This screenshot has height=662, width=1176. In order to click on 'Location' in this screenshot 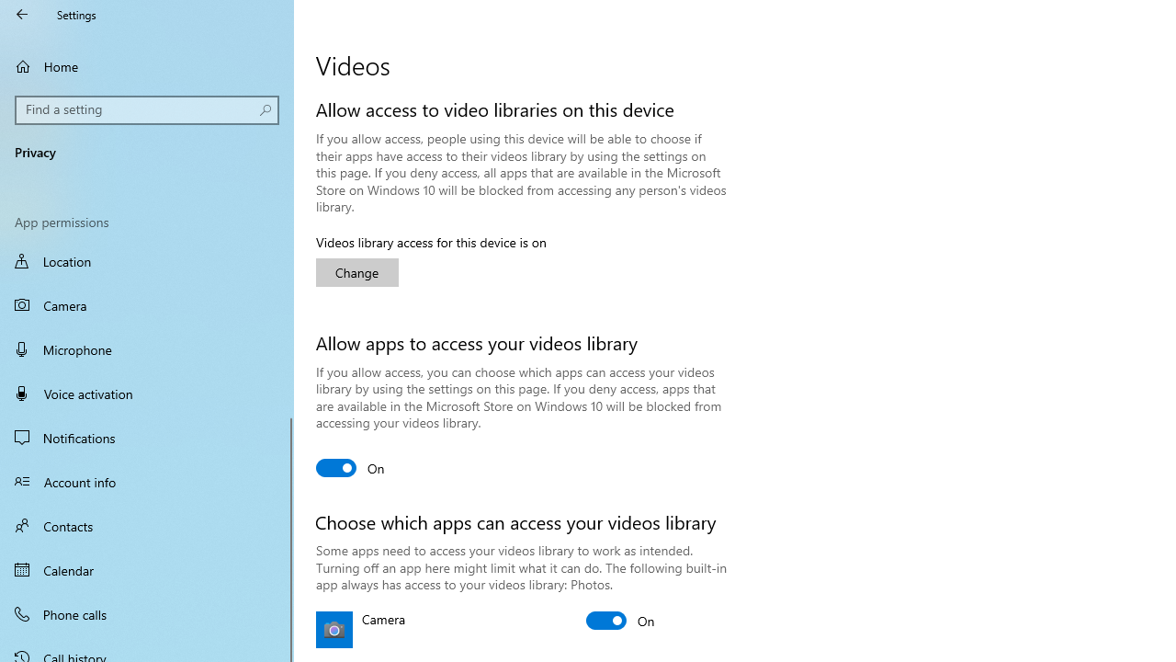, I will do `click(147, 263)`.